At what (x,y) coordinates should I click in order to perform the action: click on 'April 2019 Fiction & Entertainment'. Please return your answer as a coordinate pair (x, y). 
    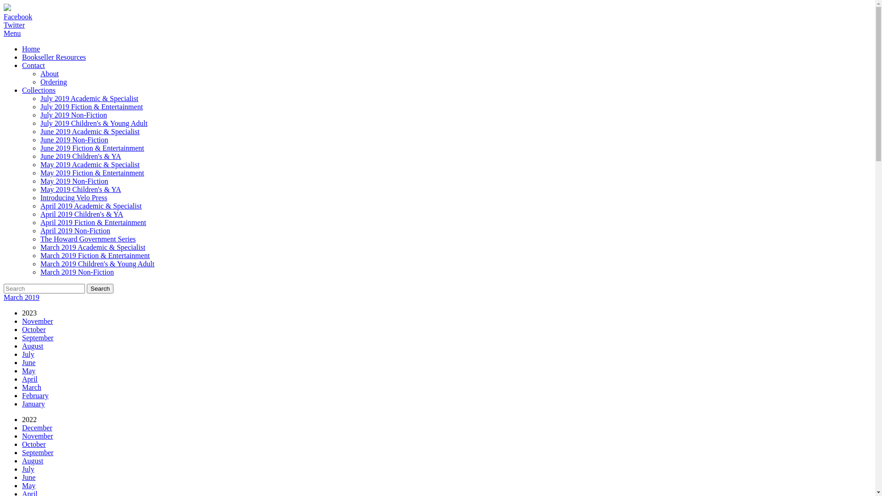
    Looking at the image, I should click on (93, 222).